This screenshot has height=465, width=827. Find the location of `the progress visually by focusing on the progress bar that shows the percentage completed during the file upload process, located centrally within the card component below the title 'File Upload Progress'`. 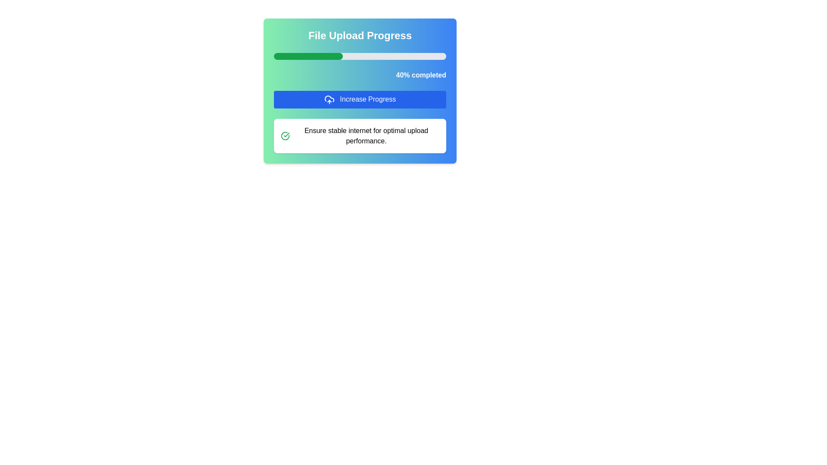

the progress visually by focusing on the progress bar that shows the percentage completed during the file upload process, located centrally within the card component below the title 'File Upload Progress' is located at coordinates (360, 56).